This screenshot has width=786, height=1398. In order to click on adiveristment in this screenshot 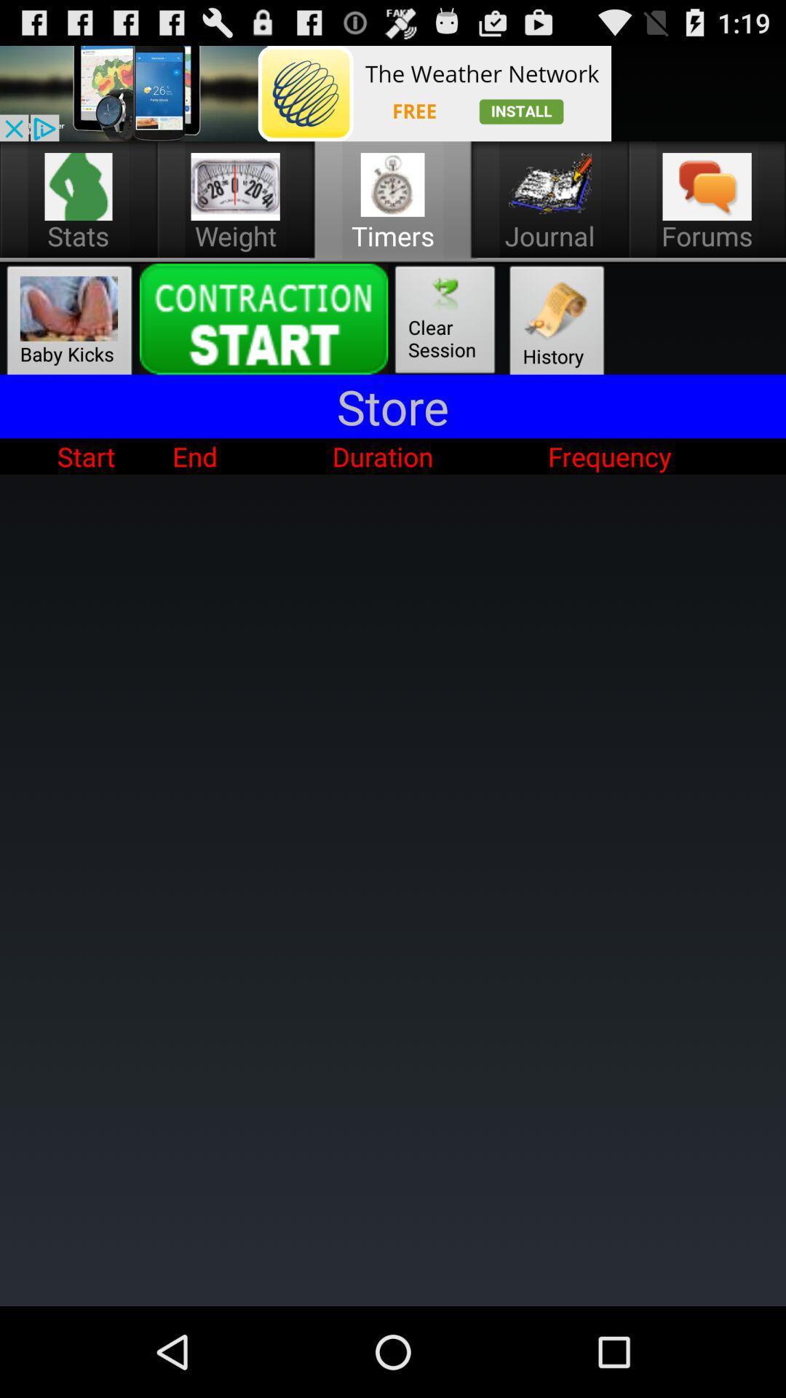, I will do `click(305, 92)`.